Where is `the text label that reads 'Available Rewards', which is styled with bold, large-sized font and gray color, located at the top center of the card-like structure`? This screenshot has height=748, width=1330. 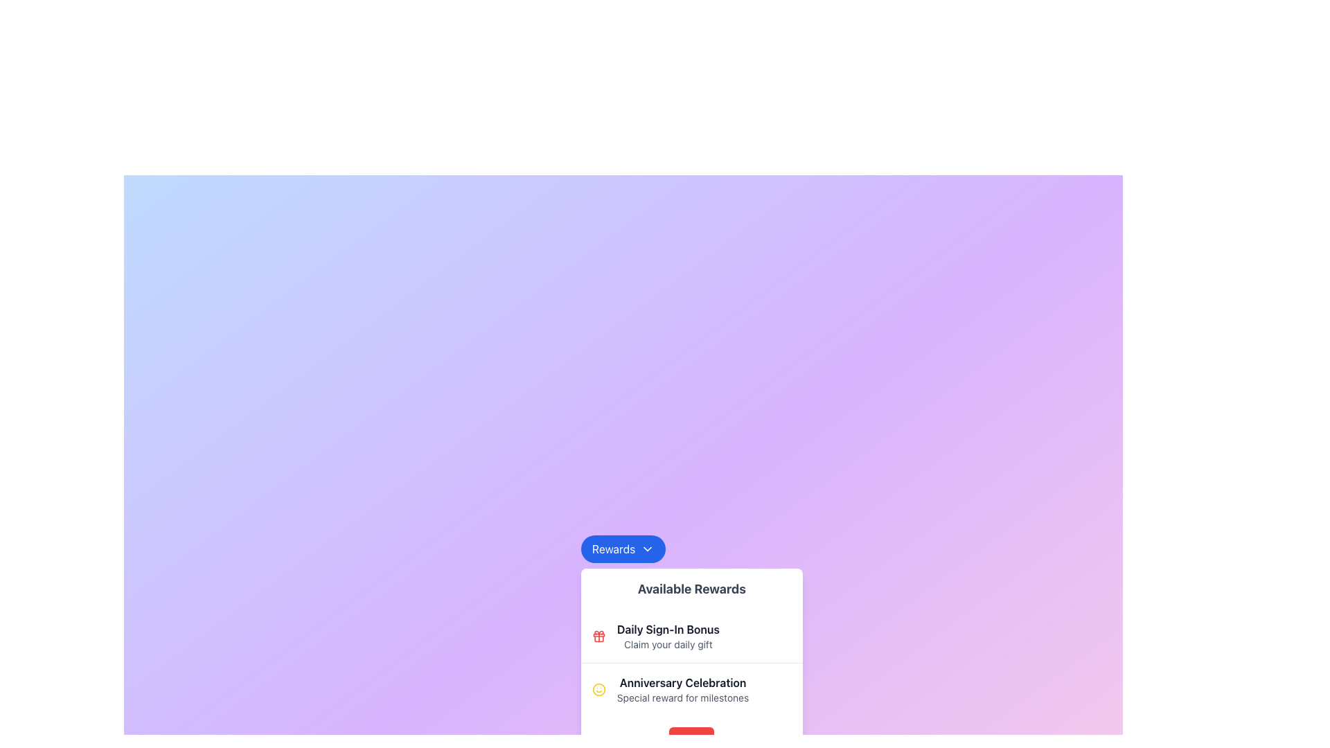
the text label that reads 'Available Rewards', which is styled with bold, large-sized font and gray color, located at the top center of the card-like structure is located at coordinates (691, 589).